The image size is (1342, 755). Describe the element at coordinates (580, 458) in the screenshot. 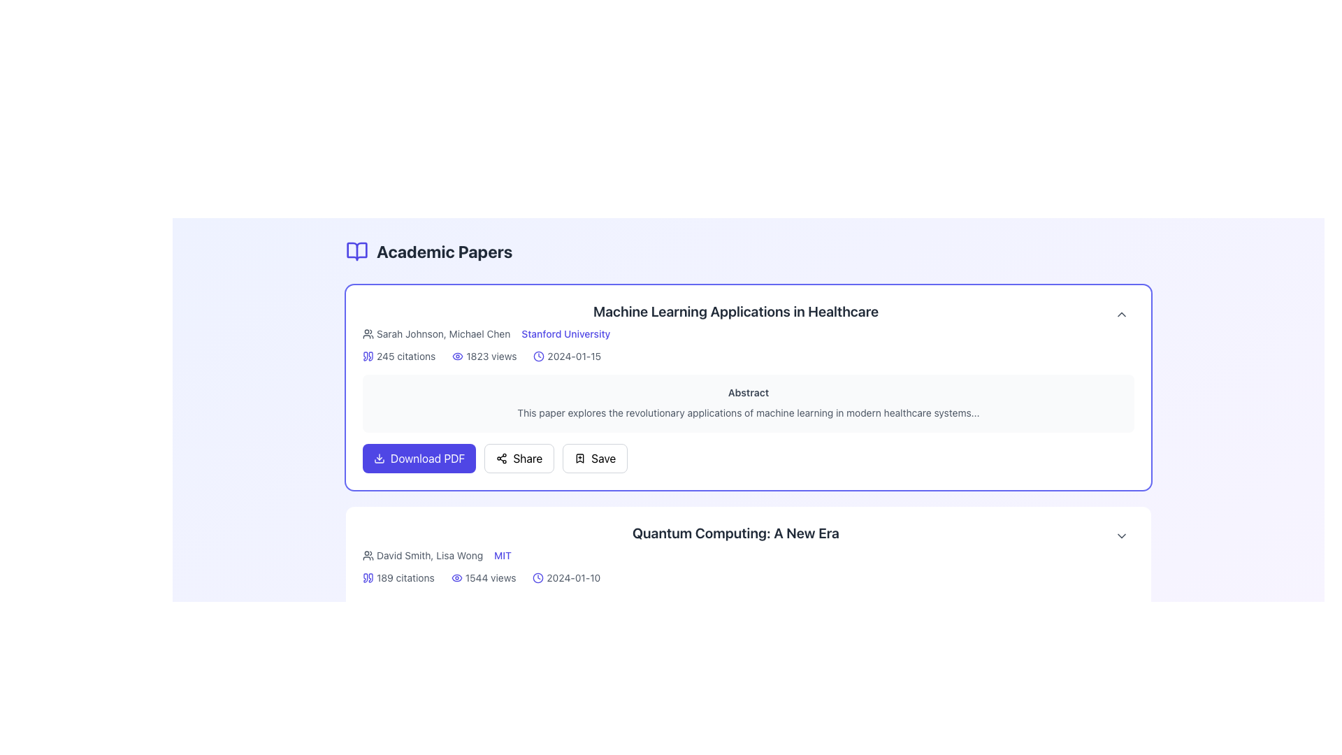

I see `the bookmark icon located to the left of the 'Save' label text within the 'Save' button` at that location.